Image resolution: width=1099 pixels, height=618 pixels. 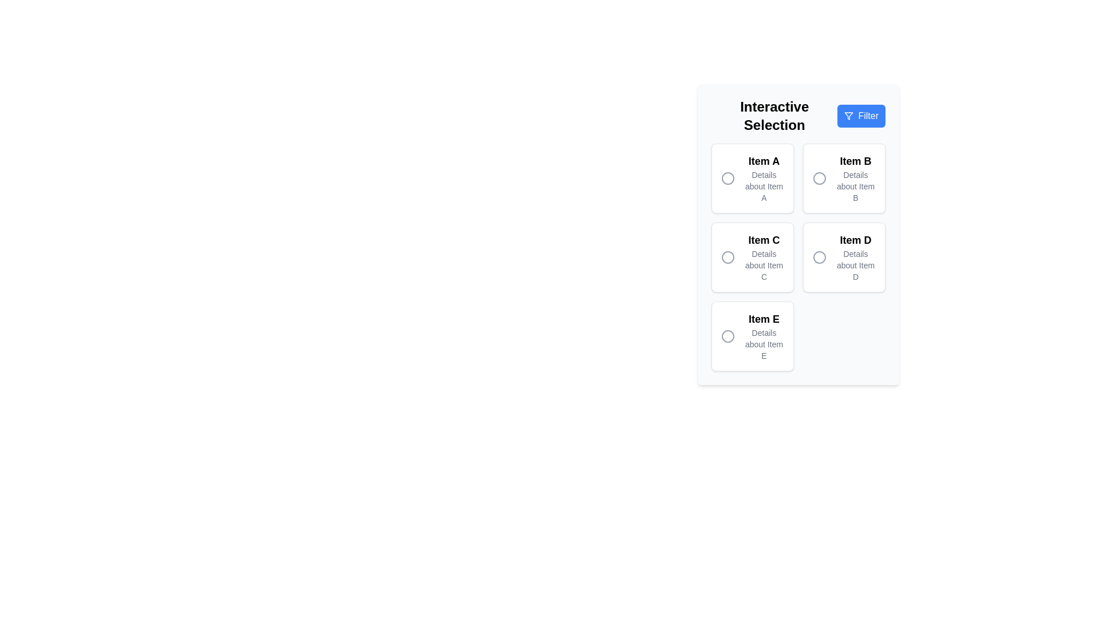 What do you see at coordinates (819, 257) in the screenshot?
I see `the radio button located in the top-left corner of the 'Item D' card` at bounding box center [819, 257].